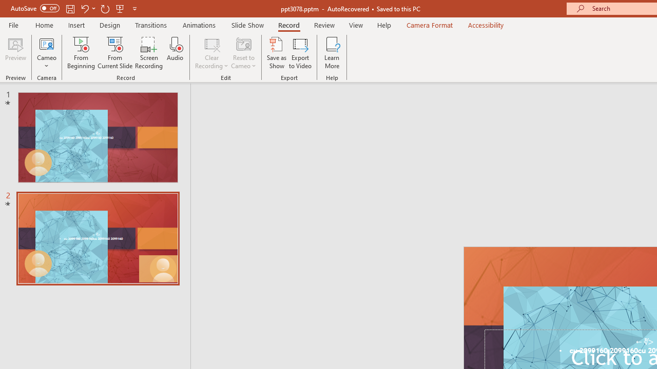  What do you see at coordinates (211, 53) in the screenshot?
I see `'Clear Recording'` at bounding box center [211, 53].